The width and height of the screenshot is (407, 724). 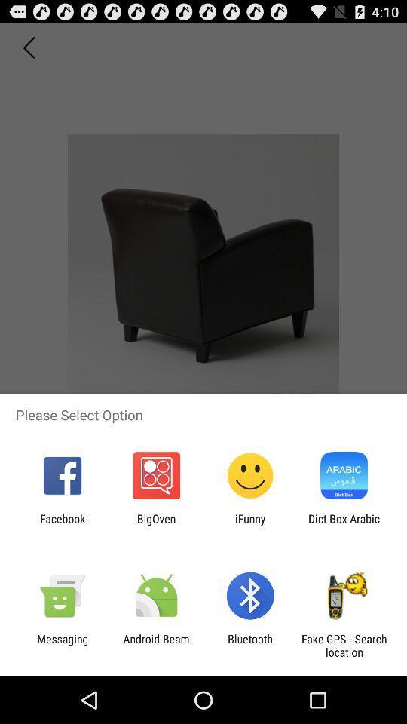 What do you see at coordinates (62, 525) in the screenshot?
I see `the facebook app` at bounding box center [62, 525].